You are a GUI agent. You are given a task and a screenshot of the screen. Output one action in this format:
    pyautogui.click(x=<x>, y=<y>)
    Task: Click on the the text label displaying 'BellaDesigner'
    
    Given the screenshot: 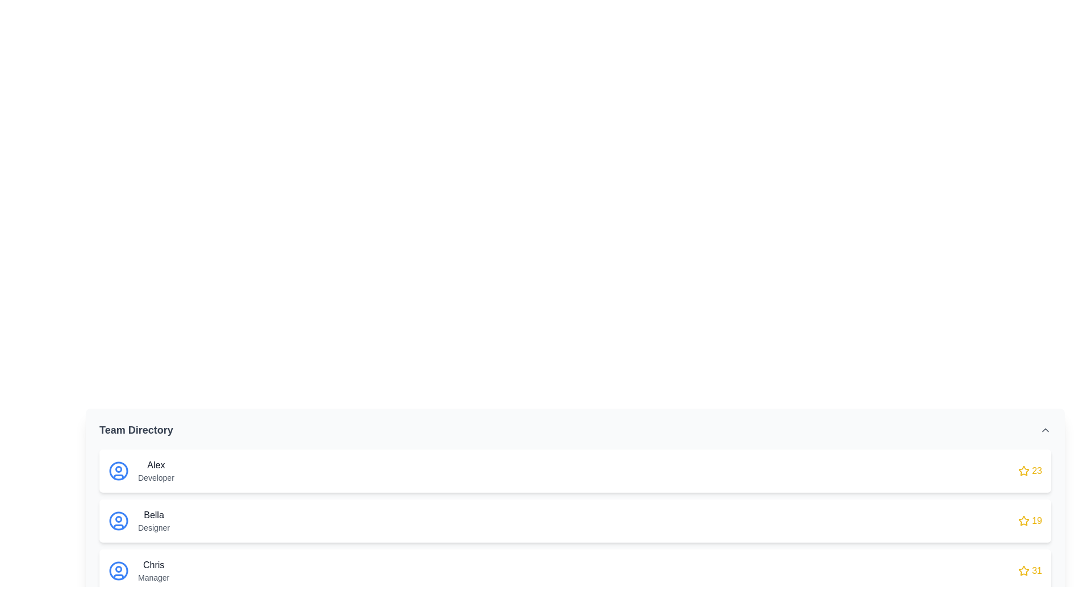 What is the action you would take?
    pyautogui.click(x=153, y=521)
    